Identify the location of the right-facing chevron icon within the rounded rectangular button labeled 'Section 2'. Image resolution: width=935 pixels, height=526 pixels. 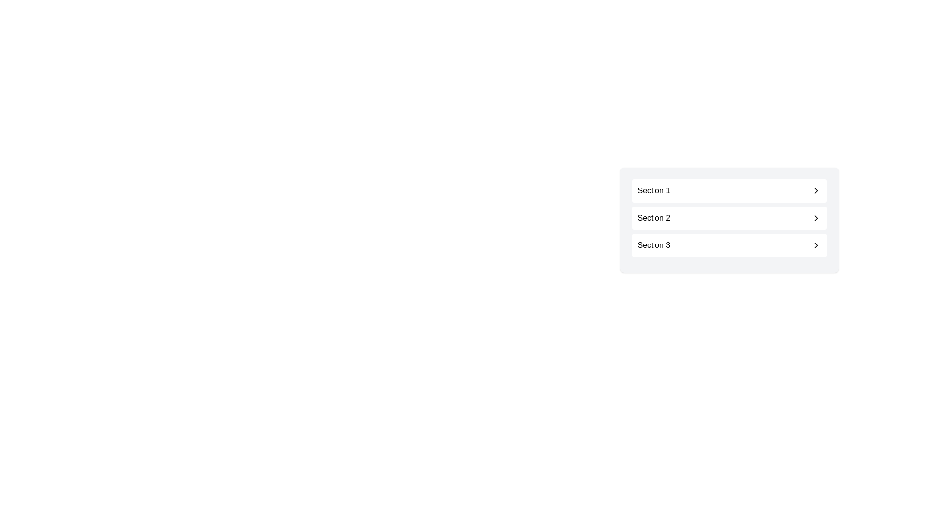
(816, 217).